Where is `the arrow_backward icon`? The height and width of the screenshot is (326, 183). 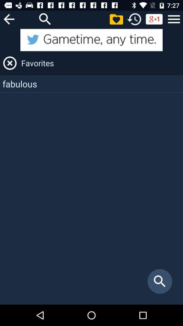 the arrow_backward icon is located at coordinates (8, 19).